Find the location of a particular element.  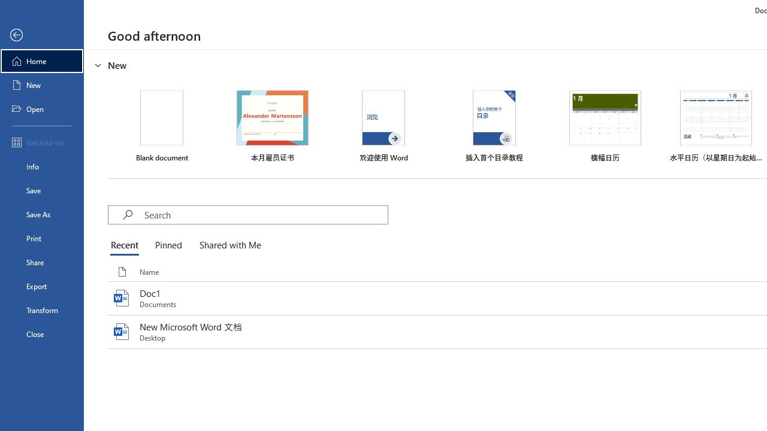

'Blank document' is located at coordinates (161, 126).